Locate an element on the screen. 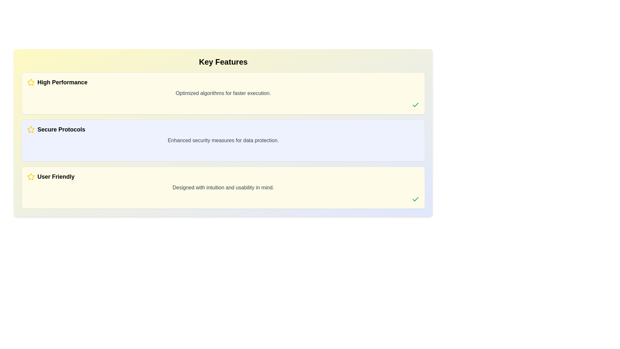 The image size is (620, 349). the description text of Secure Protocols to select it is located at coordinates (223, 140).